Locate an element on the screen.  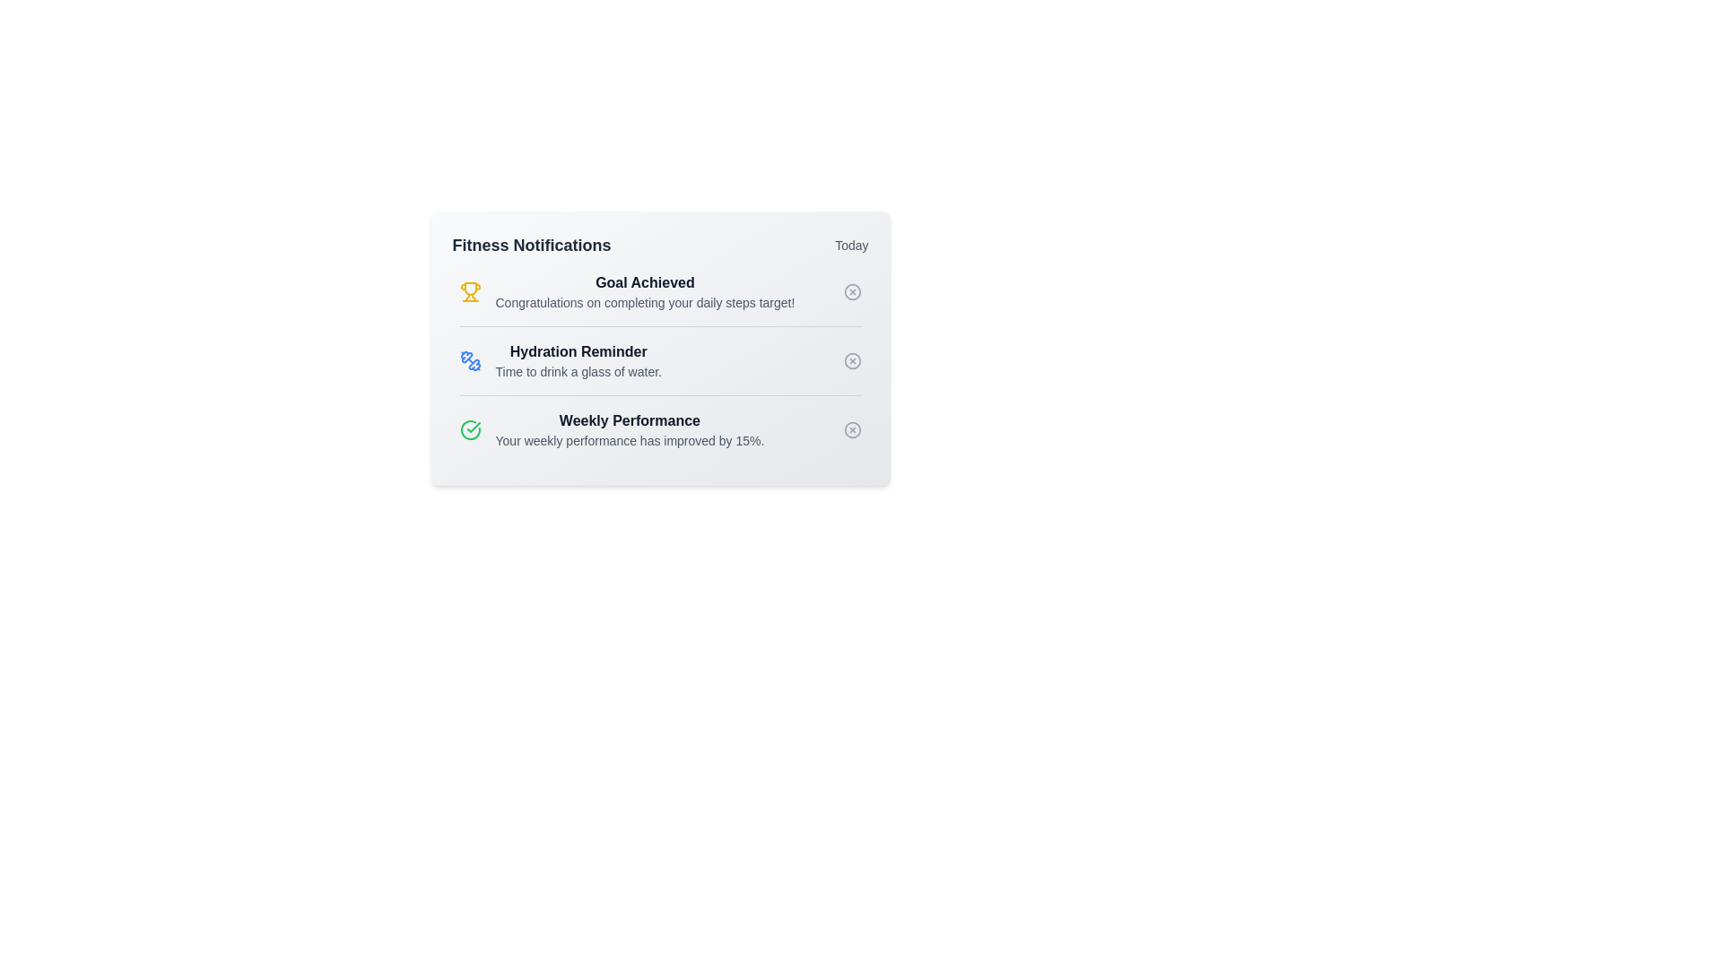
the text element that says 'Congratulations on completing your daily steps target!' which is styled in light gray and located below the bold header 'Goal Achieved' in the Fitness Notifications section is located at coordinates (645, 302).